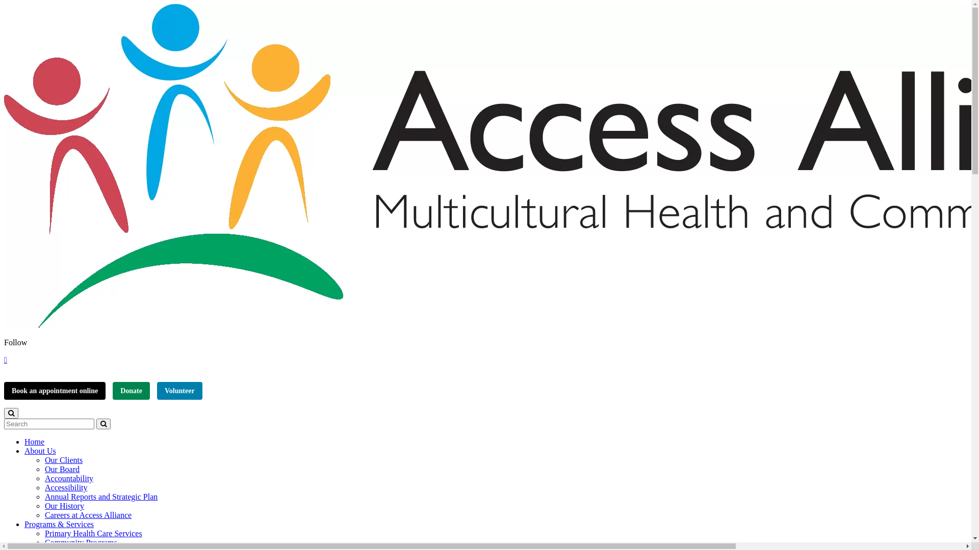 The width and height of the screenshot is (979, 550). I want to click on 'Book an appointment online', so click(54, 390).